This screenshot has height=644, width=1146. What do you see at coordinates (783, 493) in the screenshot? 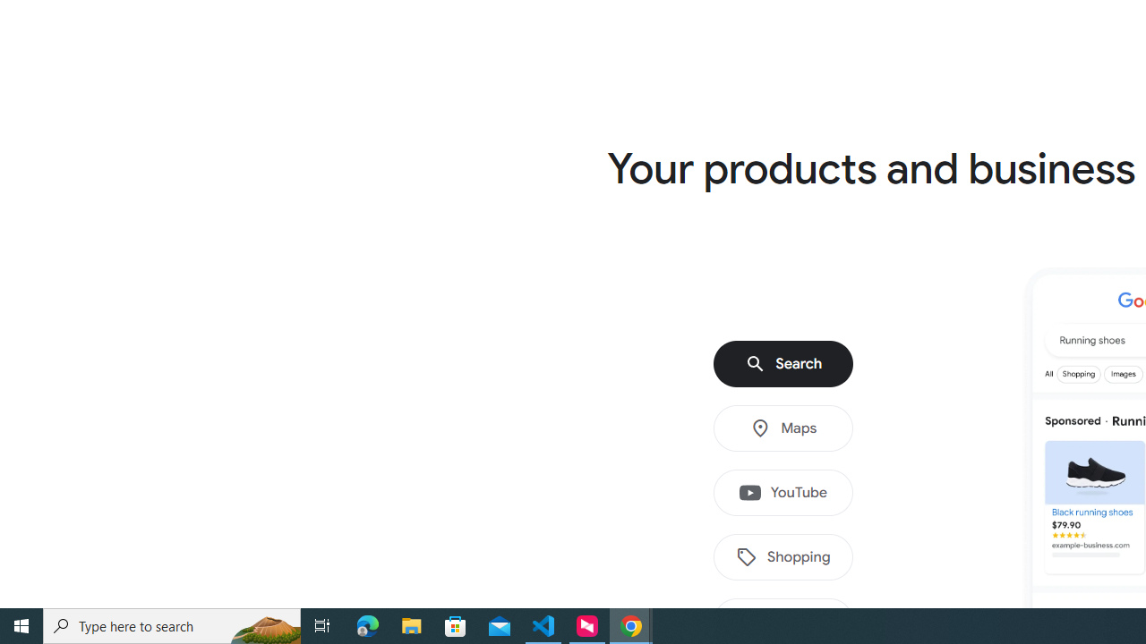
I see `'YouTube'` at bounding box center [783, 493].